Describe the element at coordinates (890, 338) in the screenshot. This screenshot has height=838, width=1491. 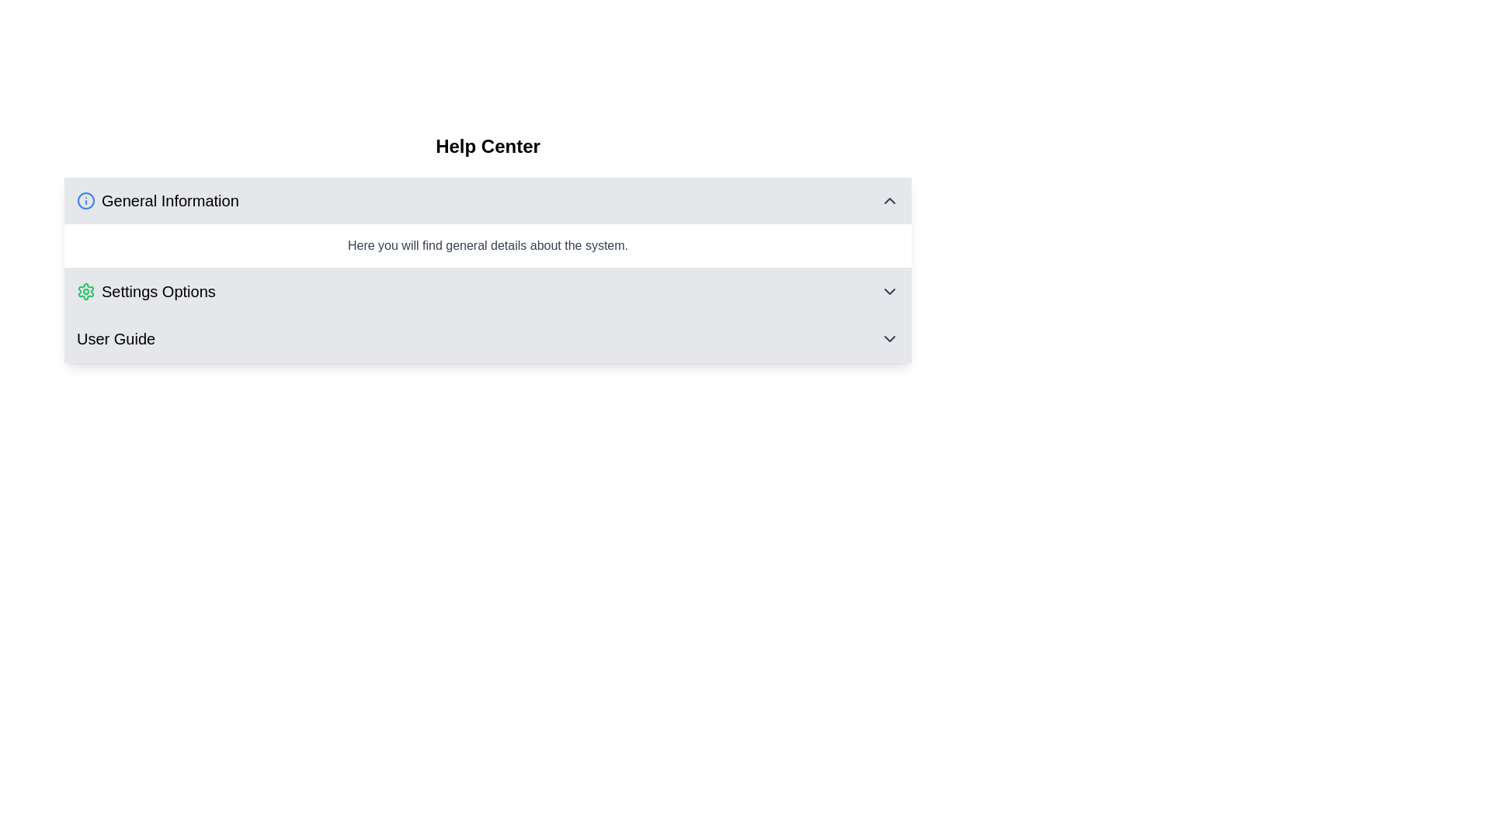
I see `the downward-facing chevron icon located in the 'User Guide' section` at that location.